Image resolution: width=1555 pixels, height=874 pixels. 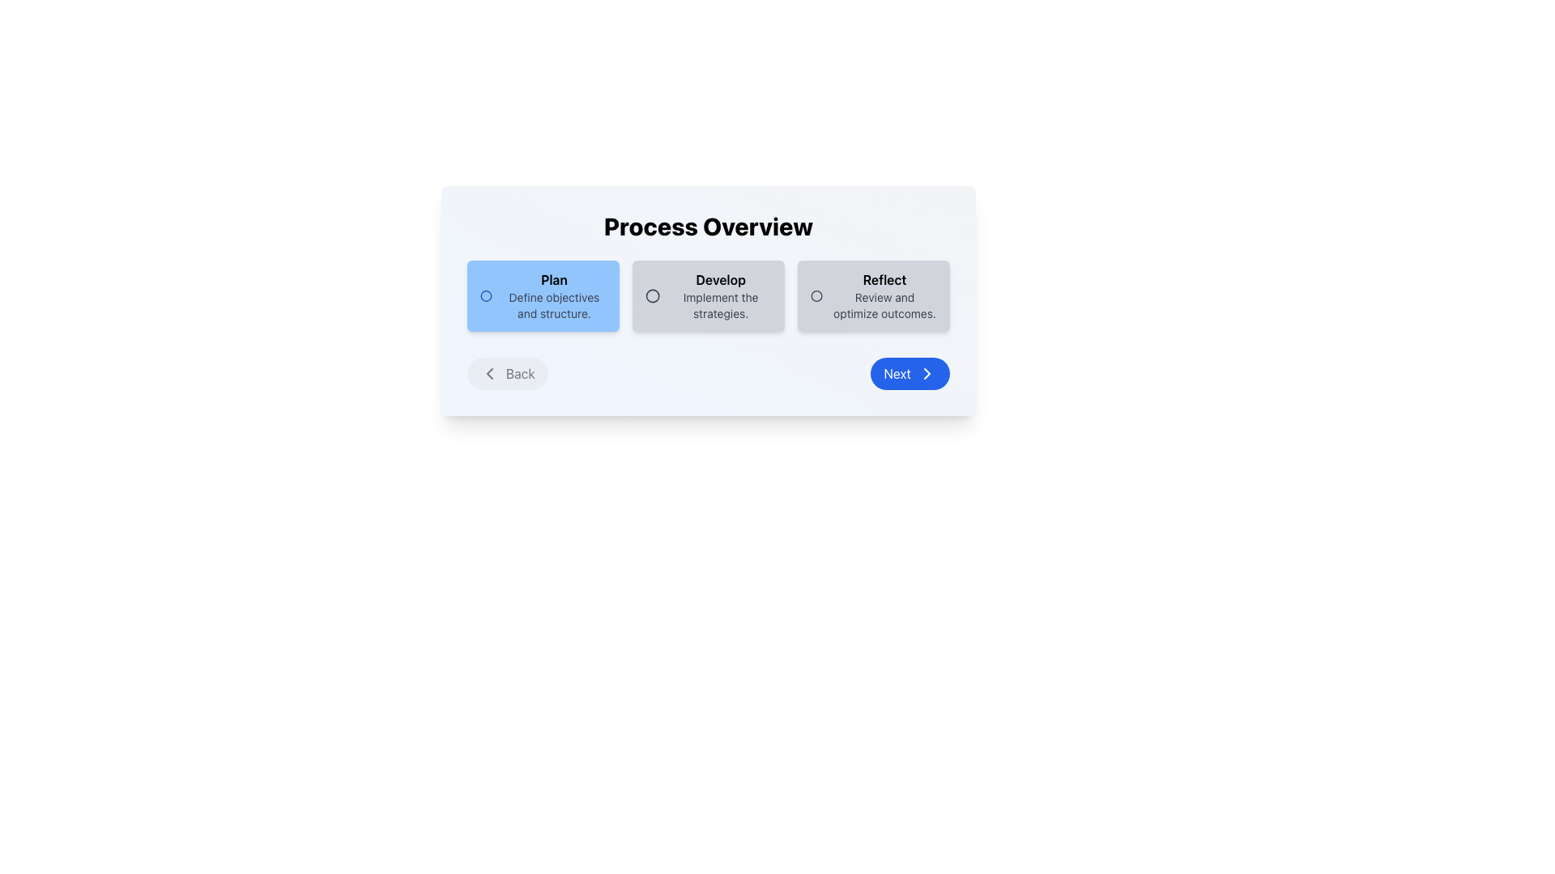 What do you see at coordinates (485, 296) in the screenshot?
I see `the blue circular decorative graphic element with a thin border located in the 'Plan' section of the 'Process Overview' card, adjacent to the text 'Define objectives and structure.'` at bounding box center [485, 296].